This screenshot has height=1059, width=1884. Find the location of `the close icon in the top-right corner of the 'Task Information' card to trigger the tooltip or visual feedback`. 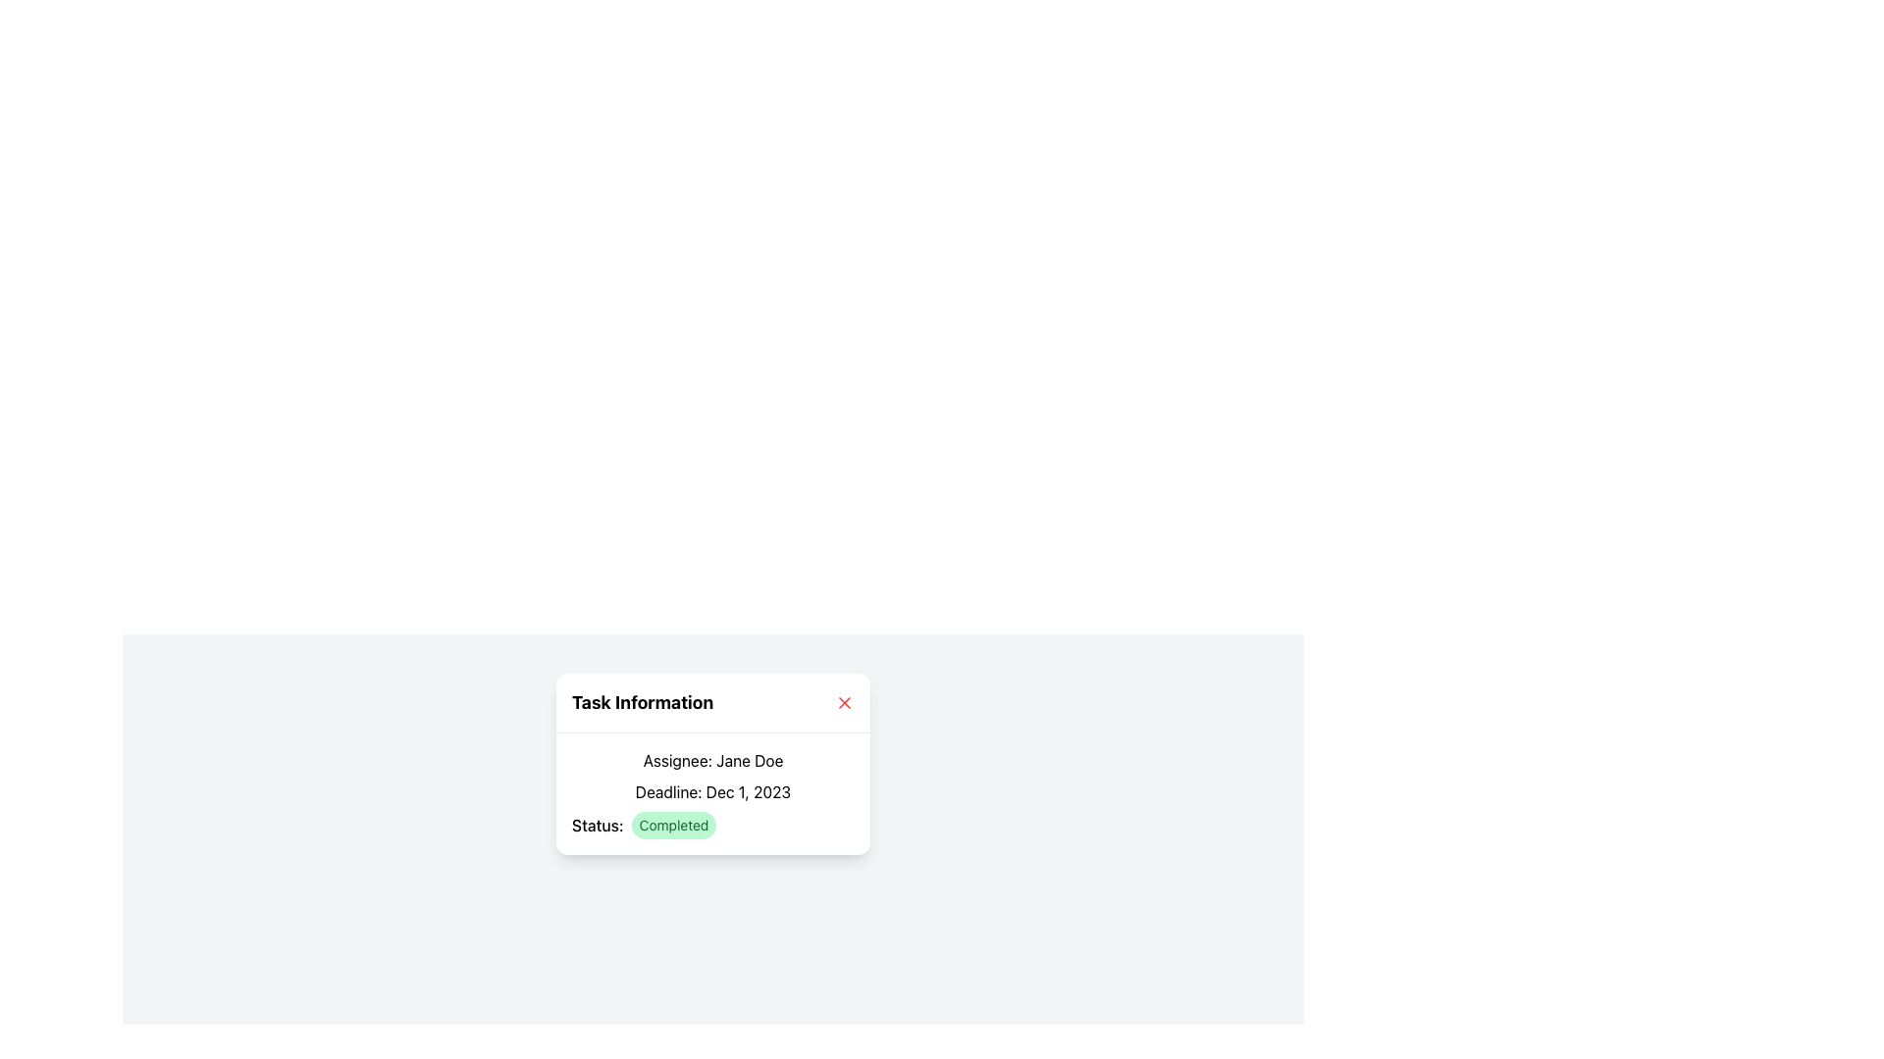

the close icon in the top-right corner of the 'Task Information' card to trigger the tooltip or visual feedback is located at coordinates (844, 702).